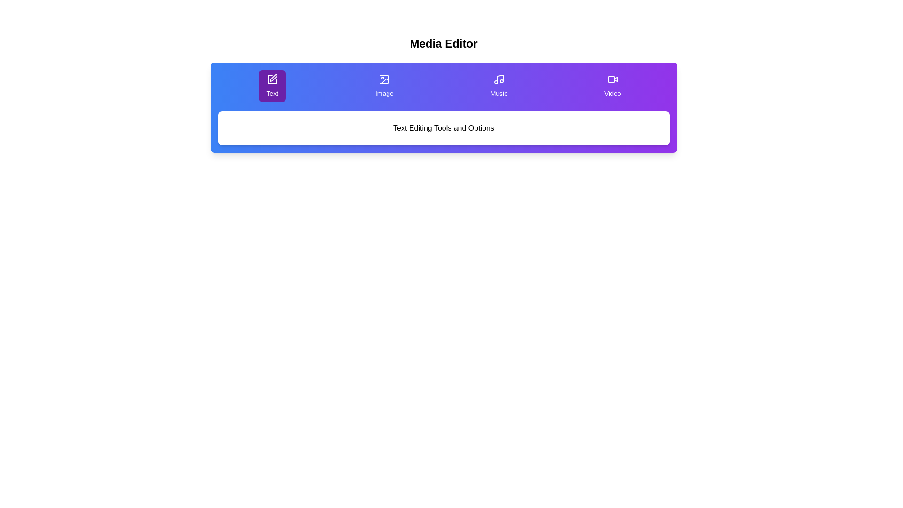  I want to click on the text label that describes the button's functionality, located at the bottom of the rounded rectangular button with a pen icon above it in the horizontal menu bar, so click(272, 94).